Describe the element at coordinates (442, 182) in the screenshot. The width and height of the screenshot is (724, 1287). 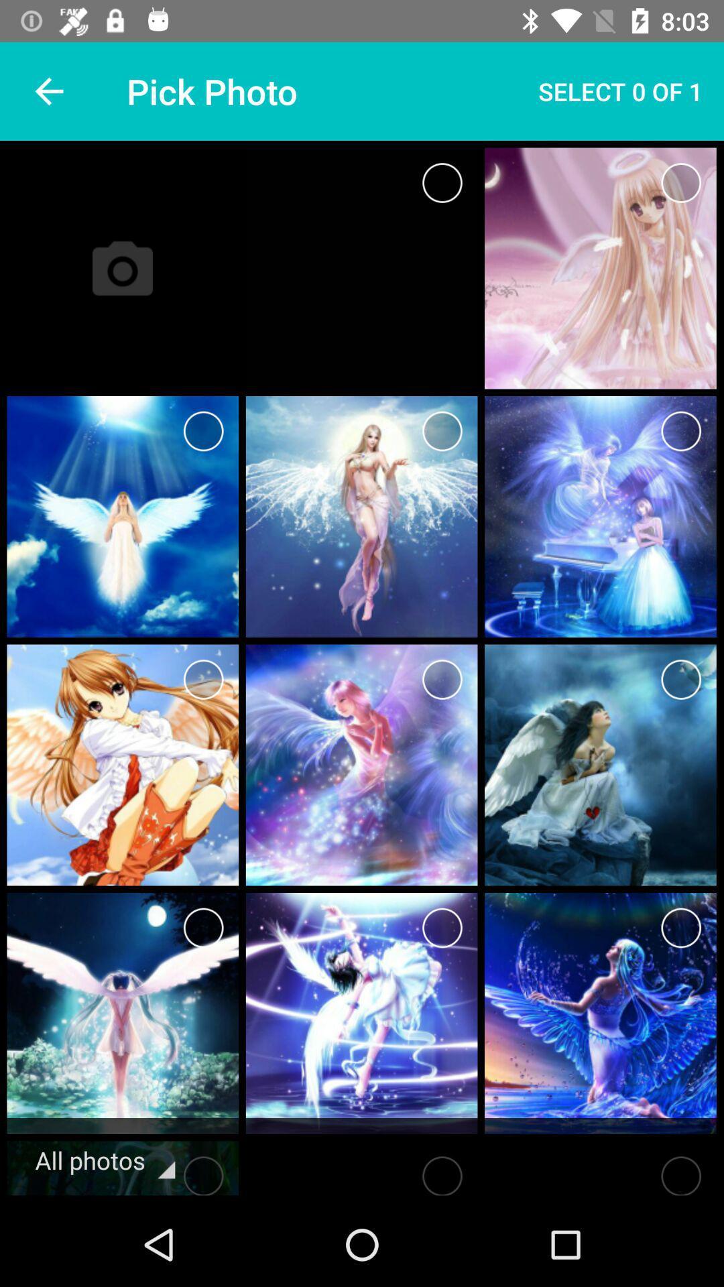
I see `choose background image` at that location.